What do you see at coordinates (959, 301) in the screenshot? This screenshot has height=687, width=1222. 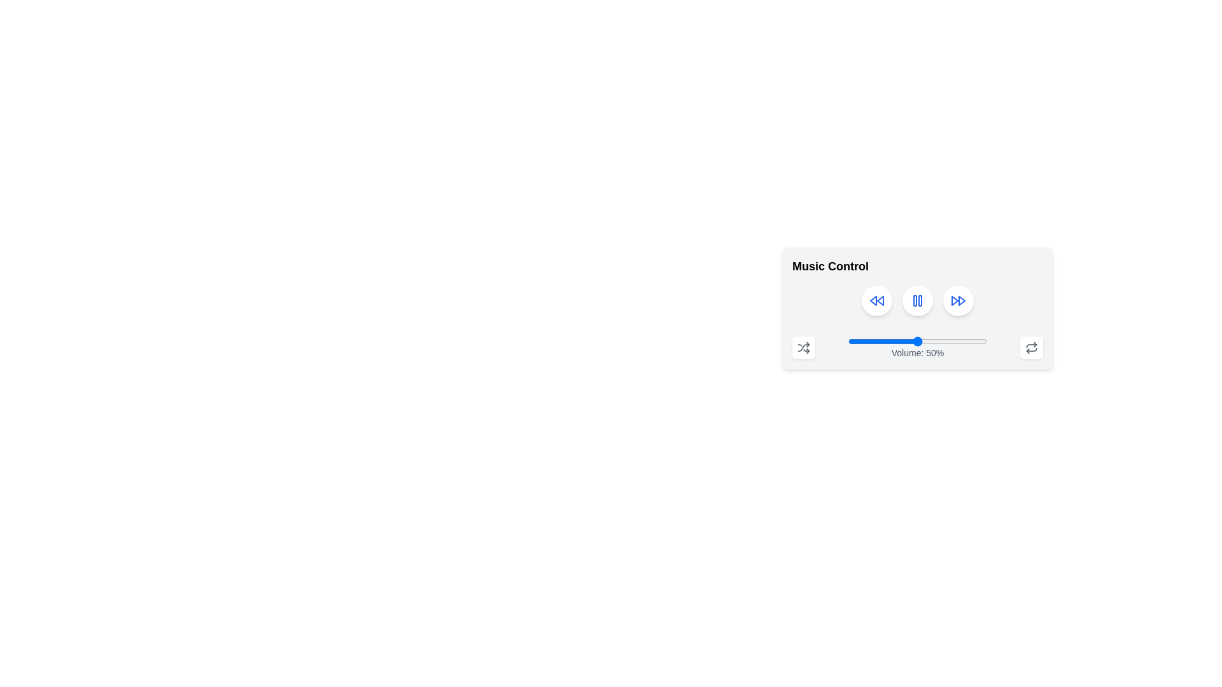 I see `the fast-forward button in the music control interface` at bounding box center [959, 301].